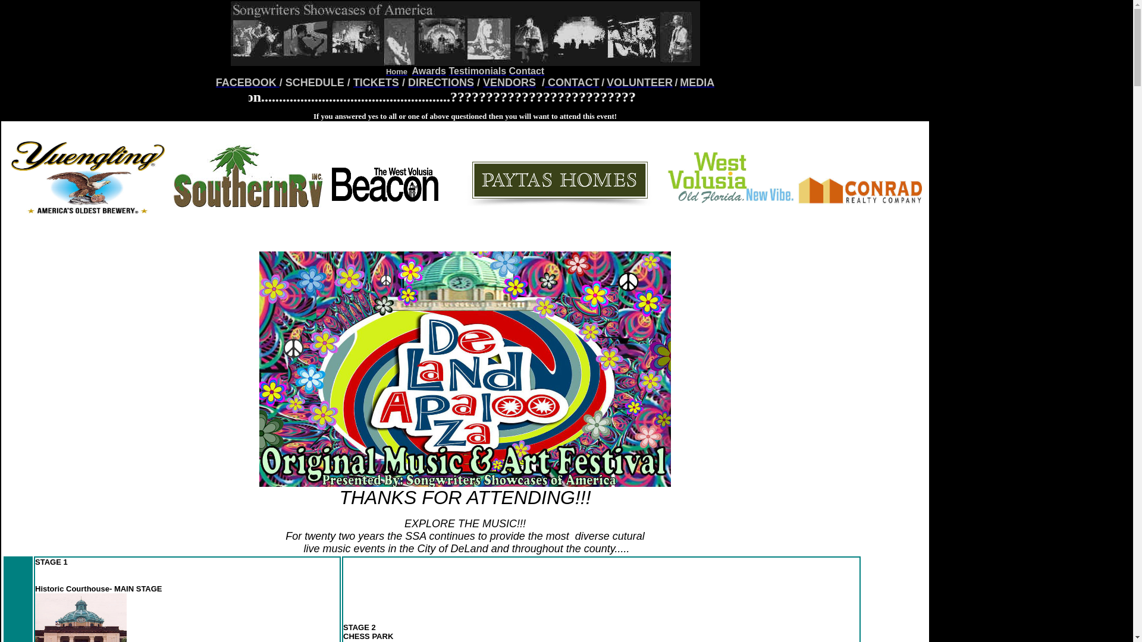 The image size is (1142, 642). What do you see at coordinates (428, 71) in the screenshot?
I see `'Awards'` at bounding box center [428, 71].